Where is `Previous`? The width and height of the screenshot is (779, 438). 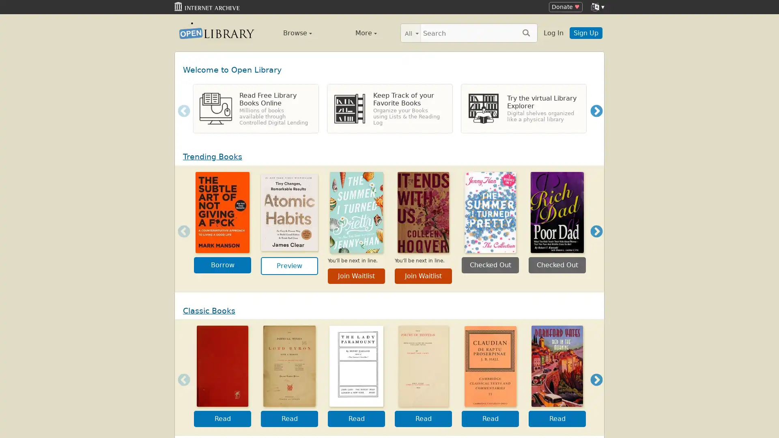 Previous is located at coordinates (181, 232).